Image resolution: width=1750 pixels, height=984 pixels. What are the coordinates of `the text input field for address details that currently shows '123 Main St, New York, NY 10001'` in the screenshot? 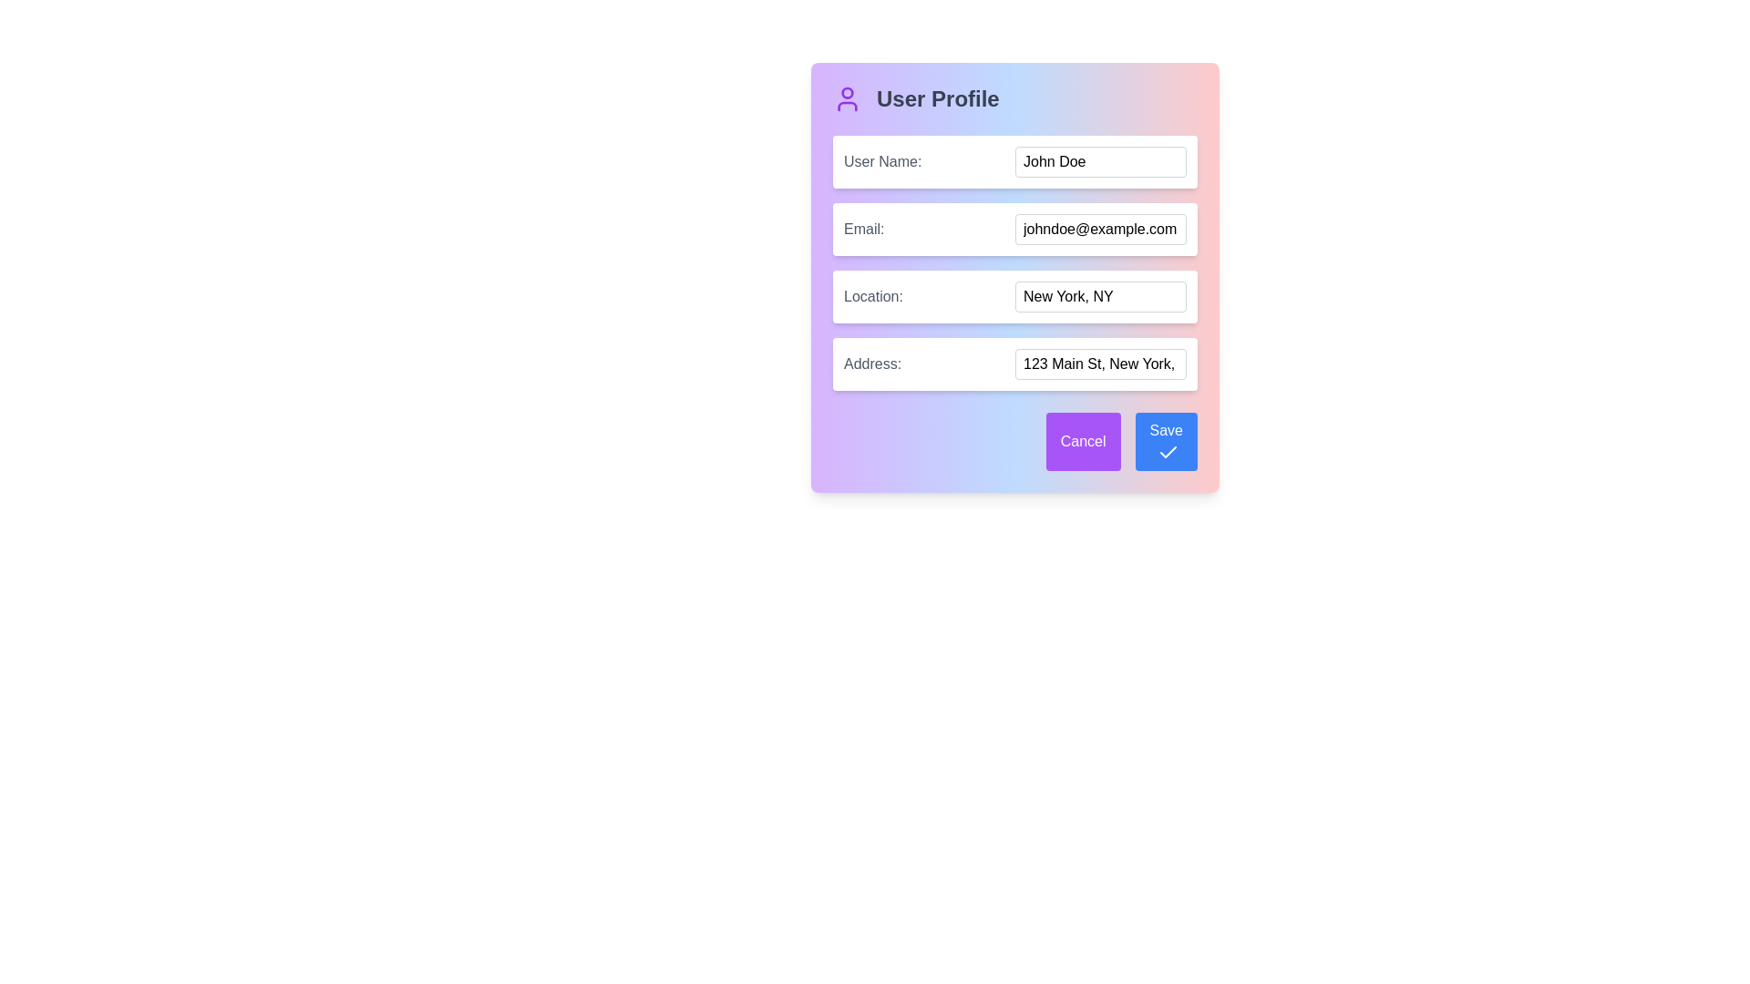 It's located at (1100, 364).